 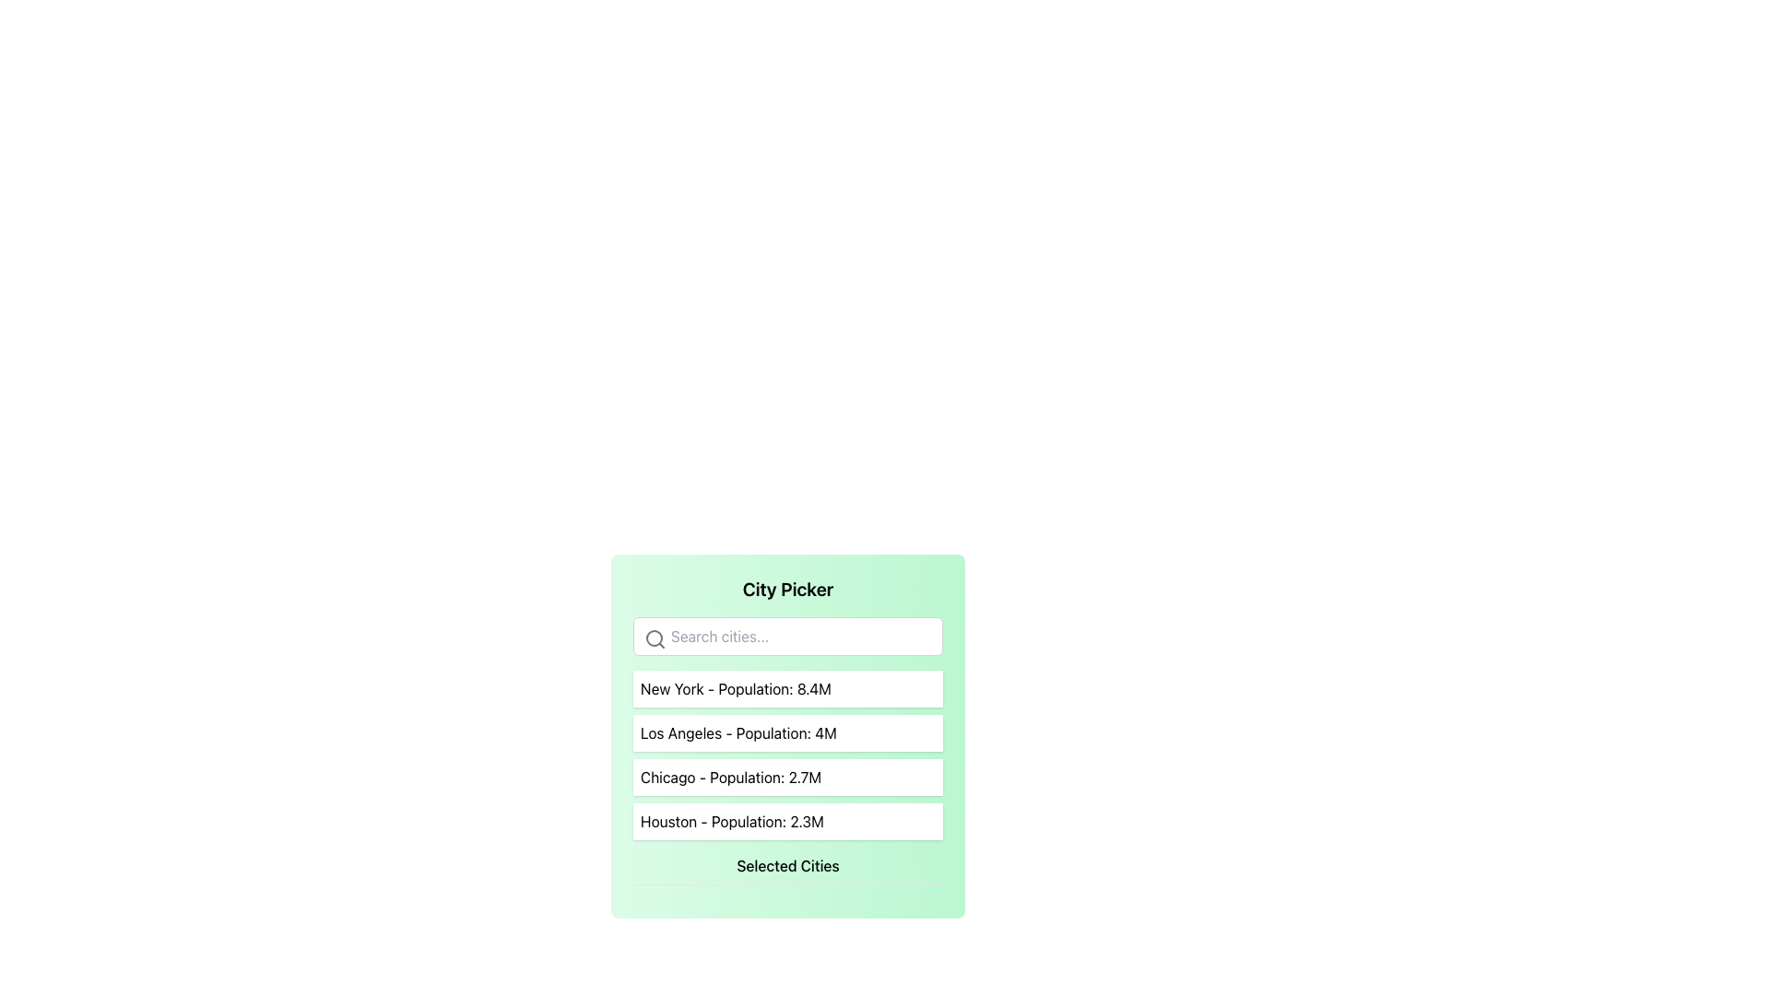 What do you see at coordinates (787, 689) in the screenshot?
I see `the first Informational List Item displaying 'New York - Population: 8.4M'` at bounding box center [787, 689].